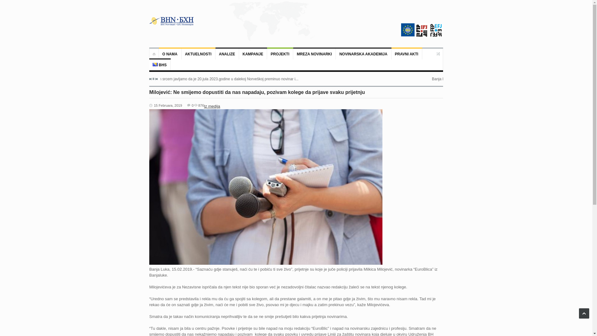 This screenshot has height=336, width=597. What do you see at coordinates (170, 54) in the screenshot?
I see `'O NAMA'` at bounding box center [170, 54].